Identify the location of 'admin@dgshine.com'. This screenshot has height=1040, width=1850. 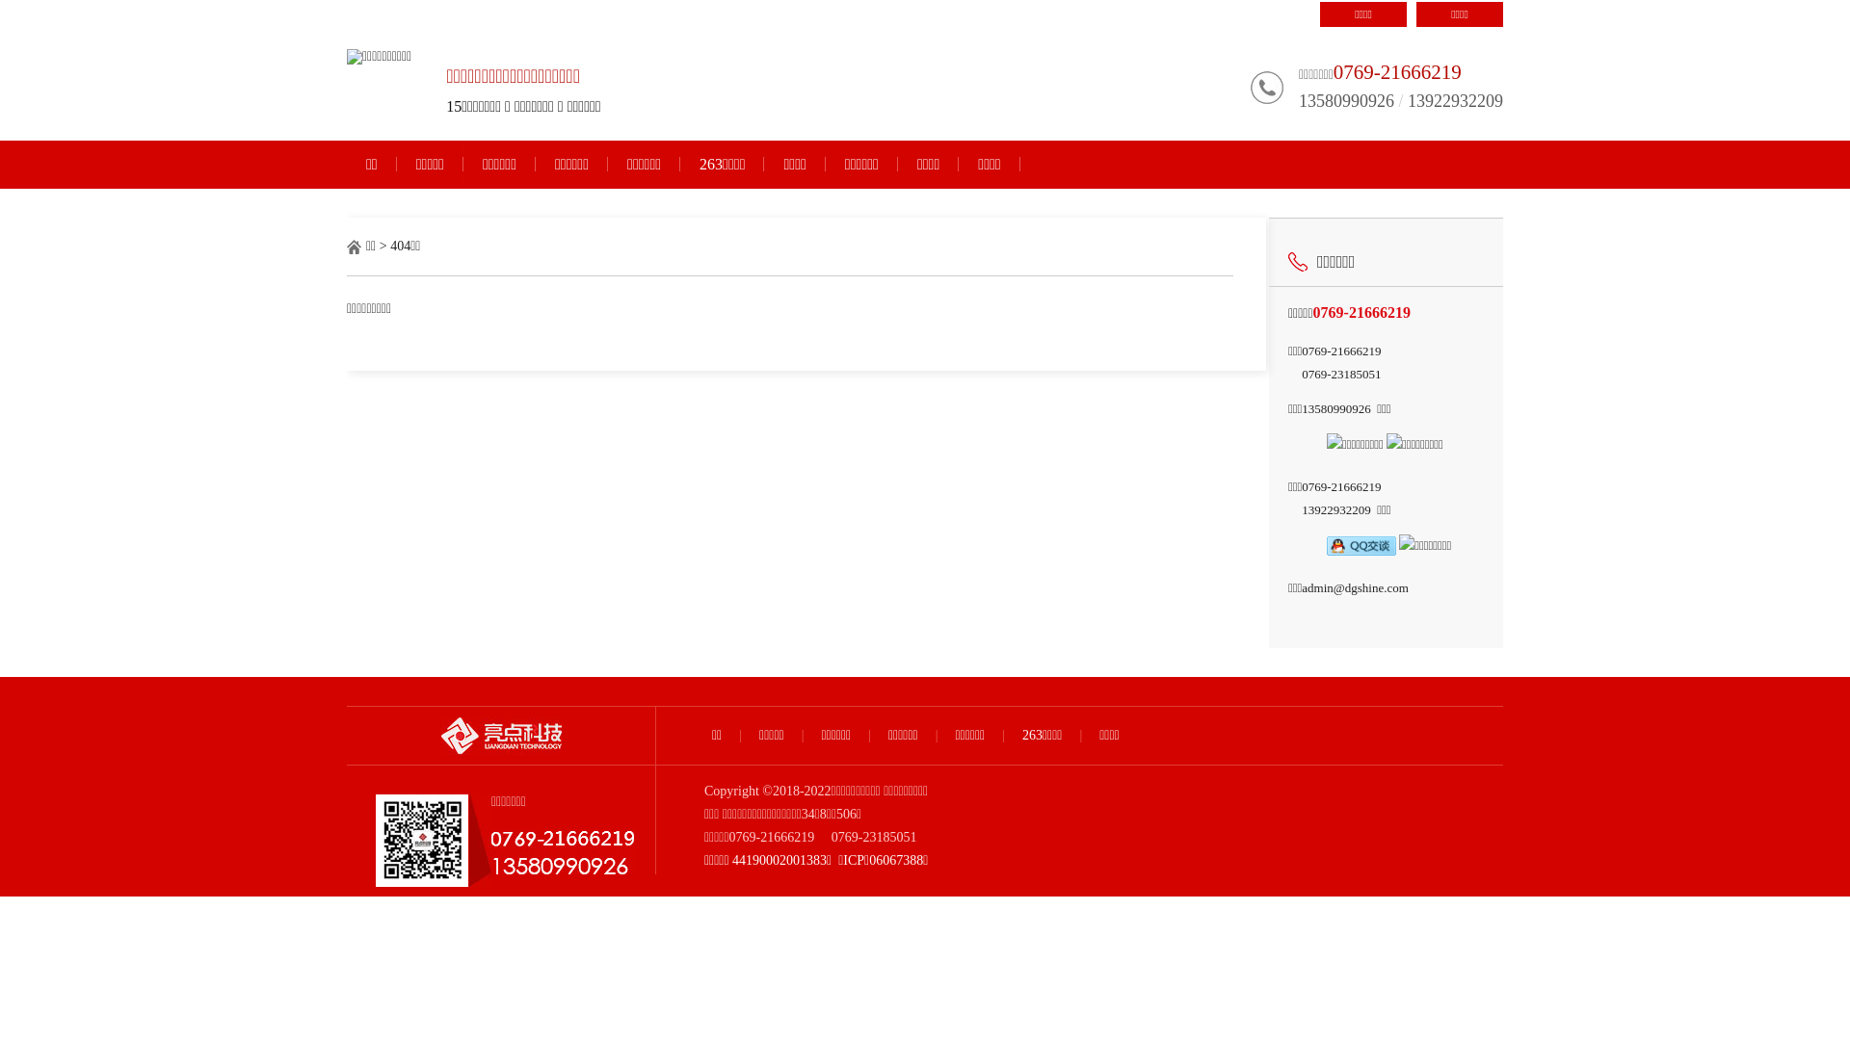
(1354, 586).